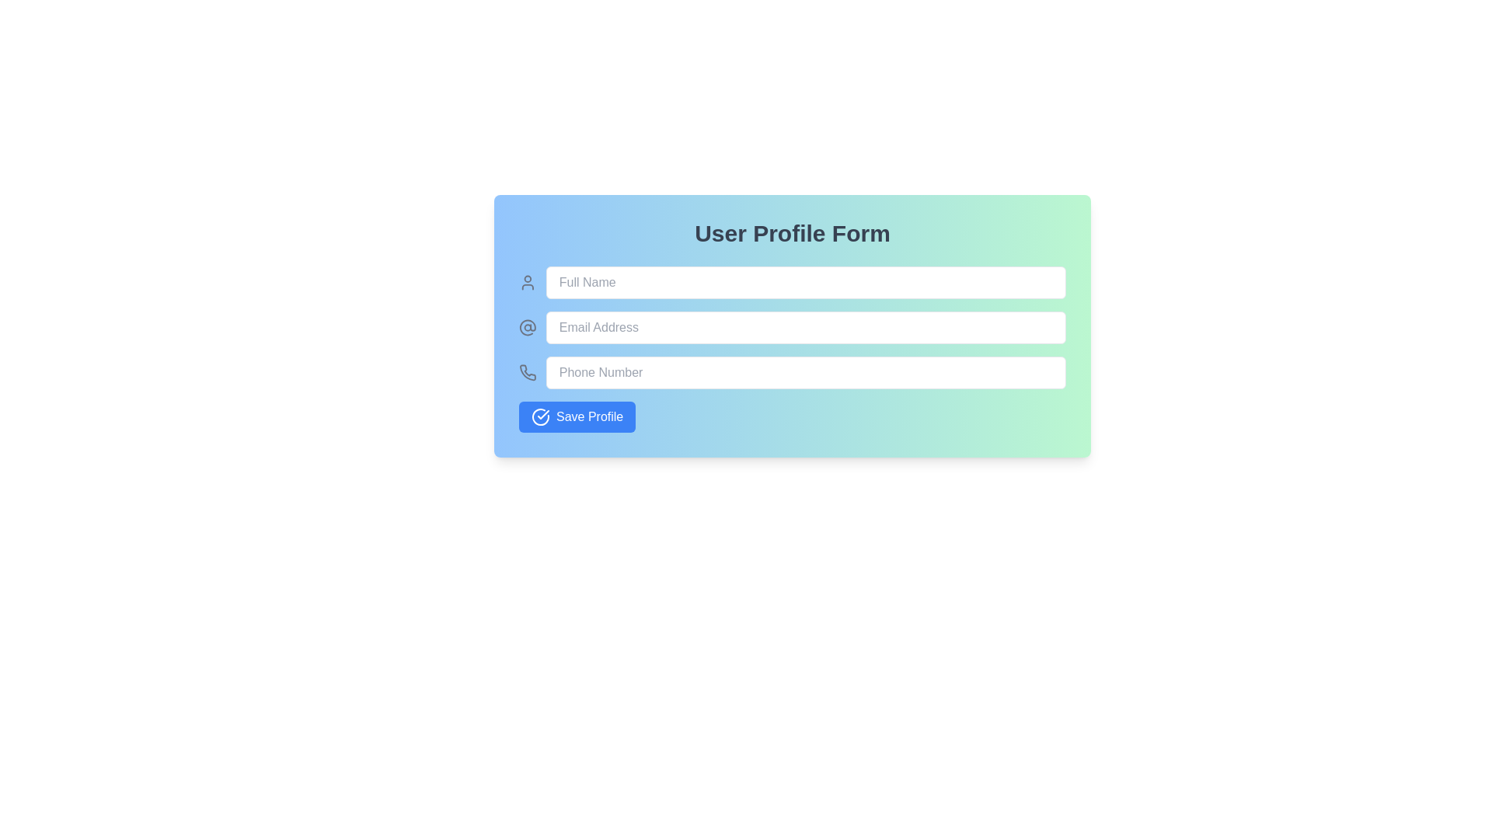 The height and width of the screenshot is (839, 1492). What do you see at coordinates (528, 372) in the screenshot?
I see `the phone number icon in the profile form, located to the left of the phone number input area in the third row below the form's title` at bounding box center [528, 372].